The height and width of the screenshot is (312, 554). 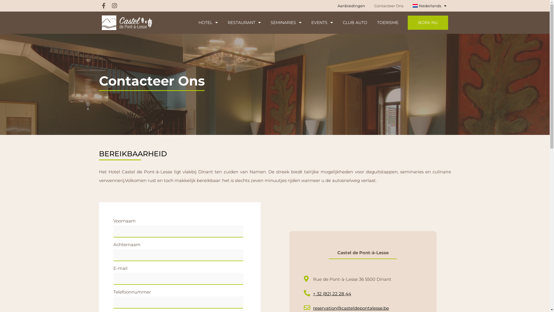 I want to click on '+ 32 (82) 22 28 44', so click(x=303, y=294).